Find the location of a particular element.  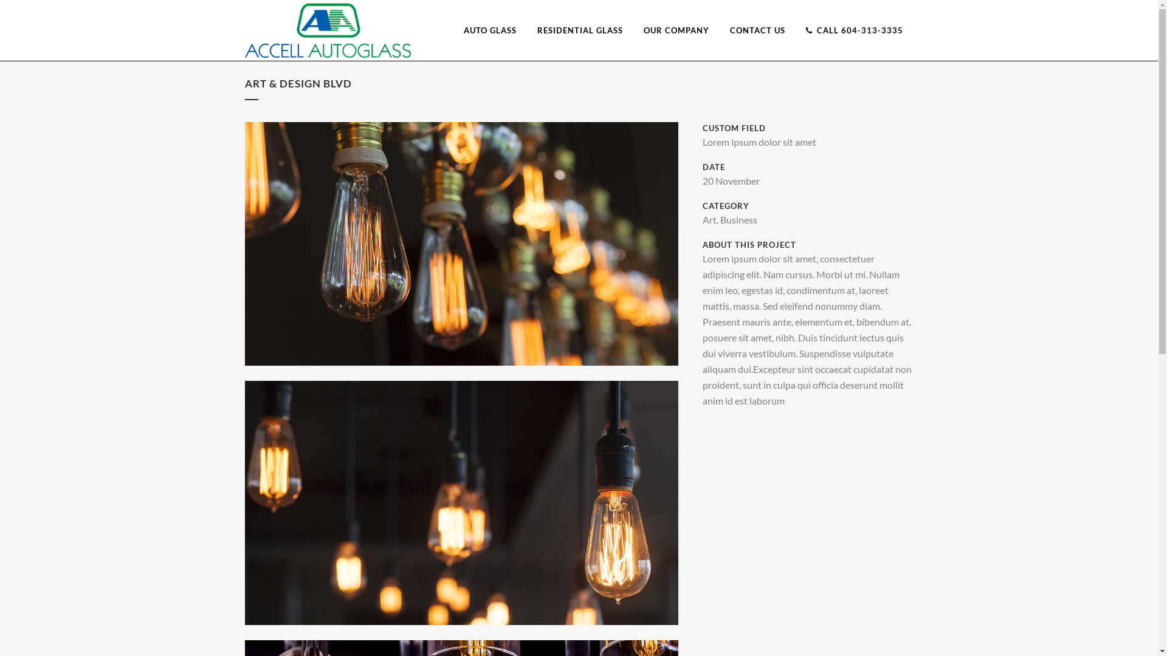

'OUR COMPANY' is located at coordinates (676, 30).